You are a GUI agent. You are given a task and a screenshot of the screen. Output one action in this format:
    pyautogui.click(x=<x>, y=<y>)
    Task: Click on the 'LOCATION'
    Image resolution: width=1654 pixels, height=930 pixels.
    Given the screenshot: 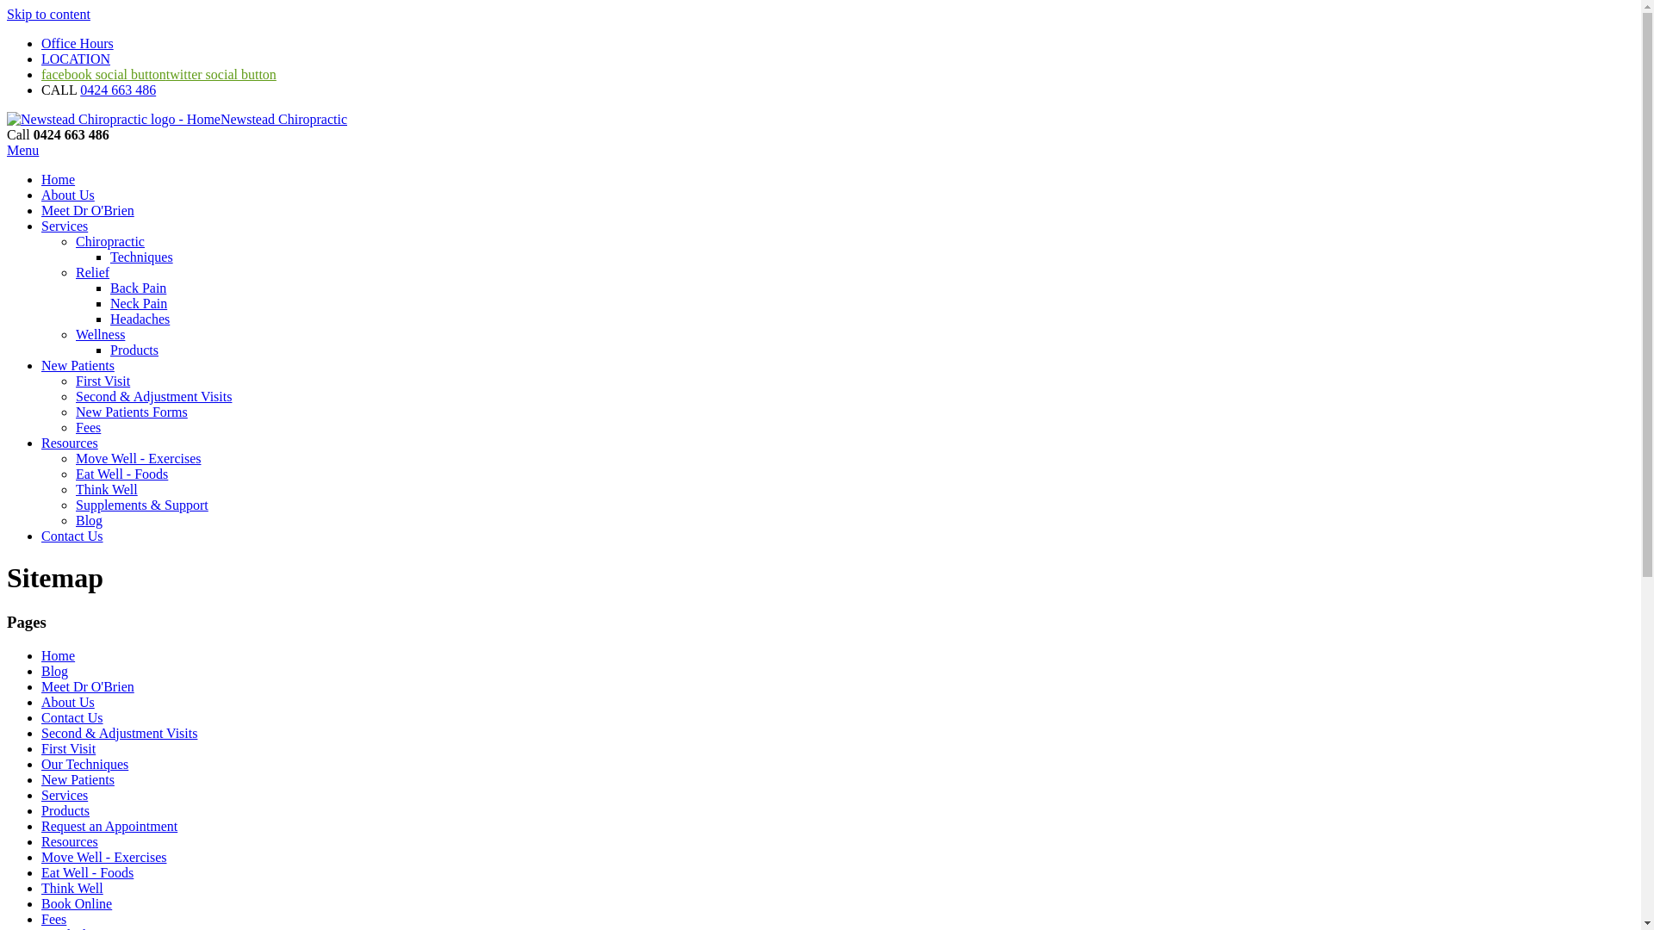 What is the action you would take?
    pyautogui.click(x=74, y=58)
    